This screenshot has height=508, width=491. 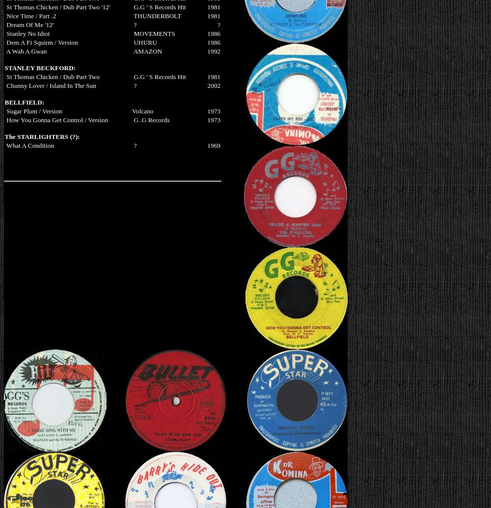 I want to click on 'How You Gonna 
					Get Control / Version', so click(x=56, y=119).